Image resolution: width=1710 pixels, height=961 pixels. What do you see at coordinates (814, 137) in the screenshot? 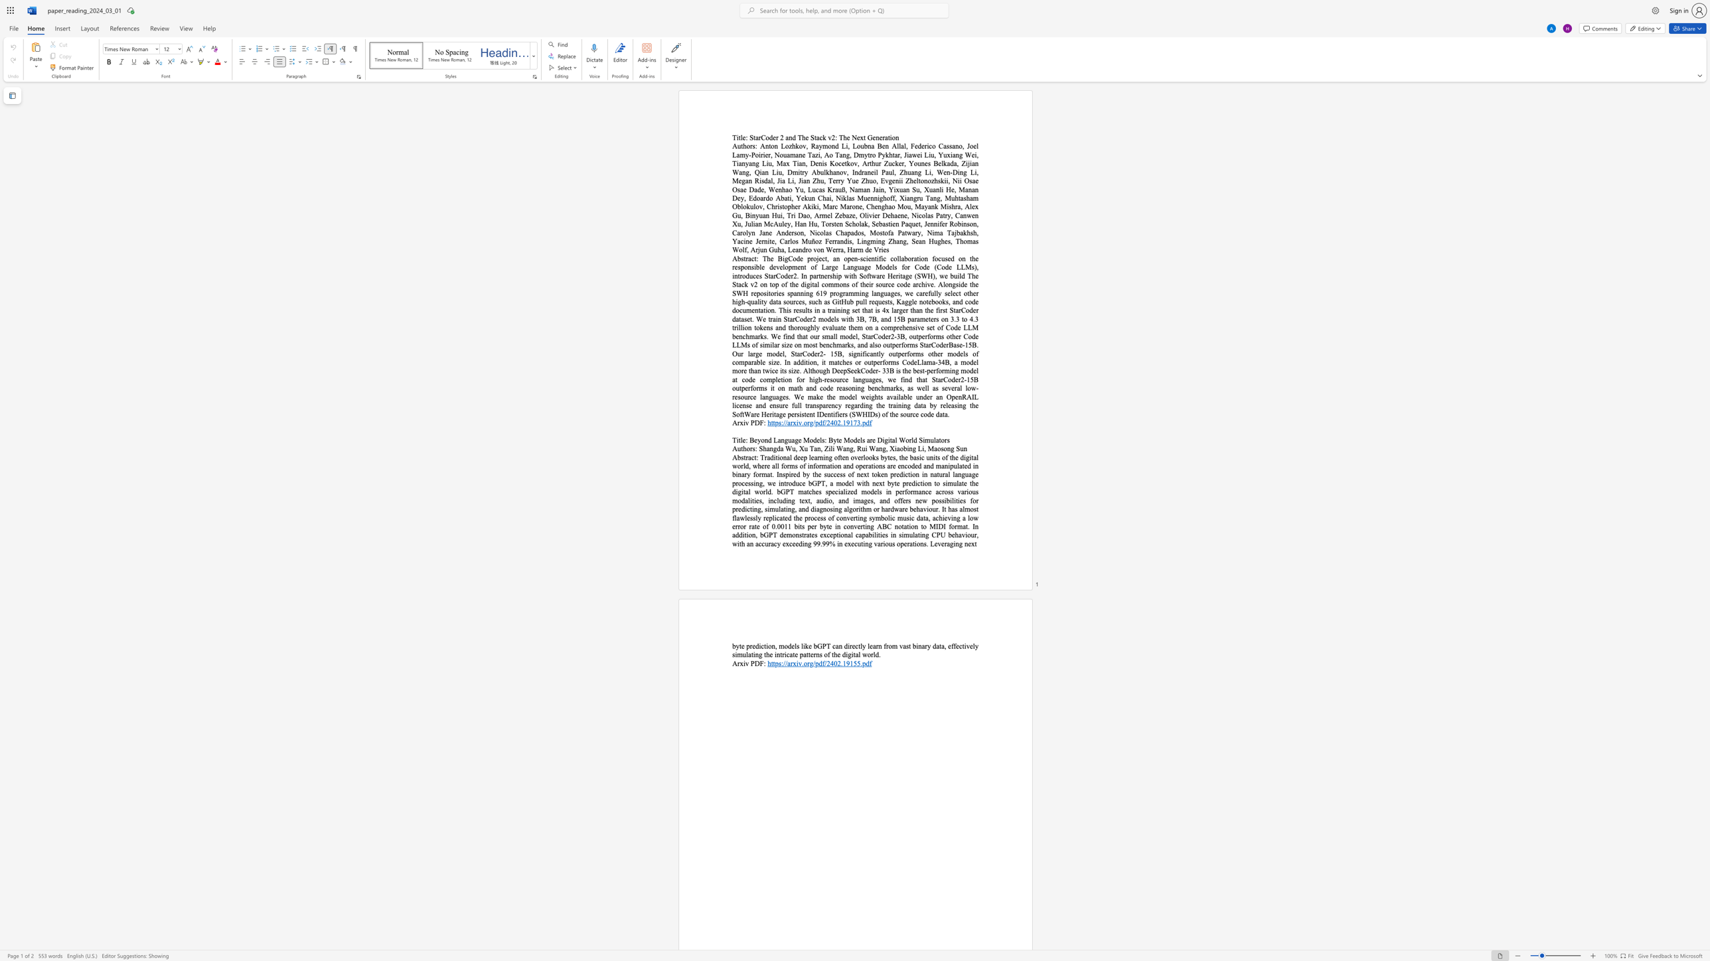
I see `the subset text "tack v2: The Next" within the text "StarCoder 2 and The Stack v2: The Next Generation"` at bounding box center [814, 137].